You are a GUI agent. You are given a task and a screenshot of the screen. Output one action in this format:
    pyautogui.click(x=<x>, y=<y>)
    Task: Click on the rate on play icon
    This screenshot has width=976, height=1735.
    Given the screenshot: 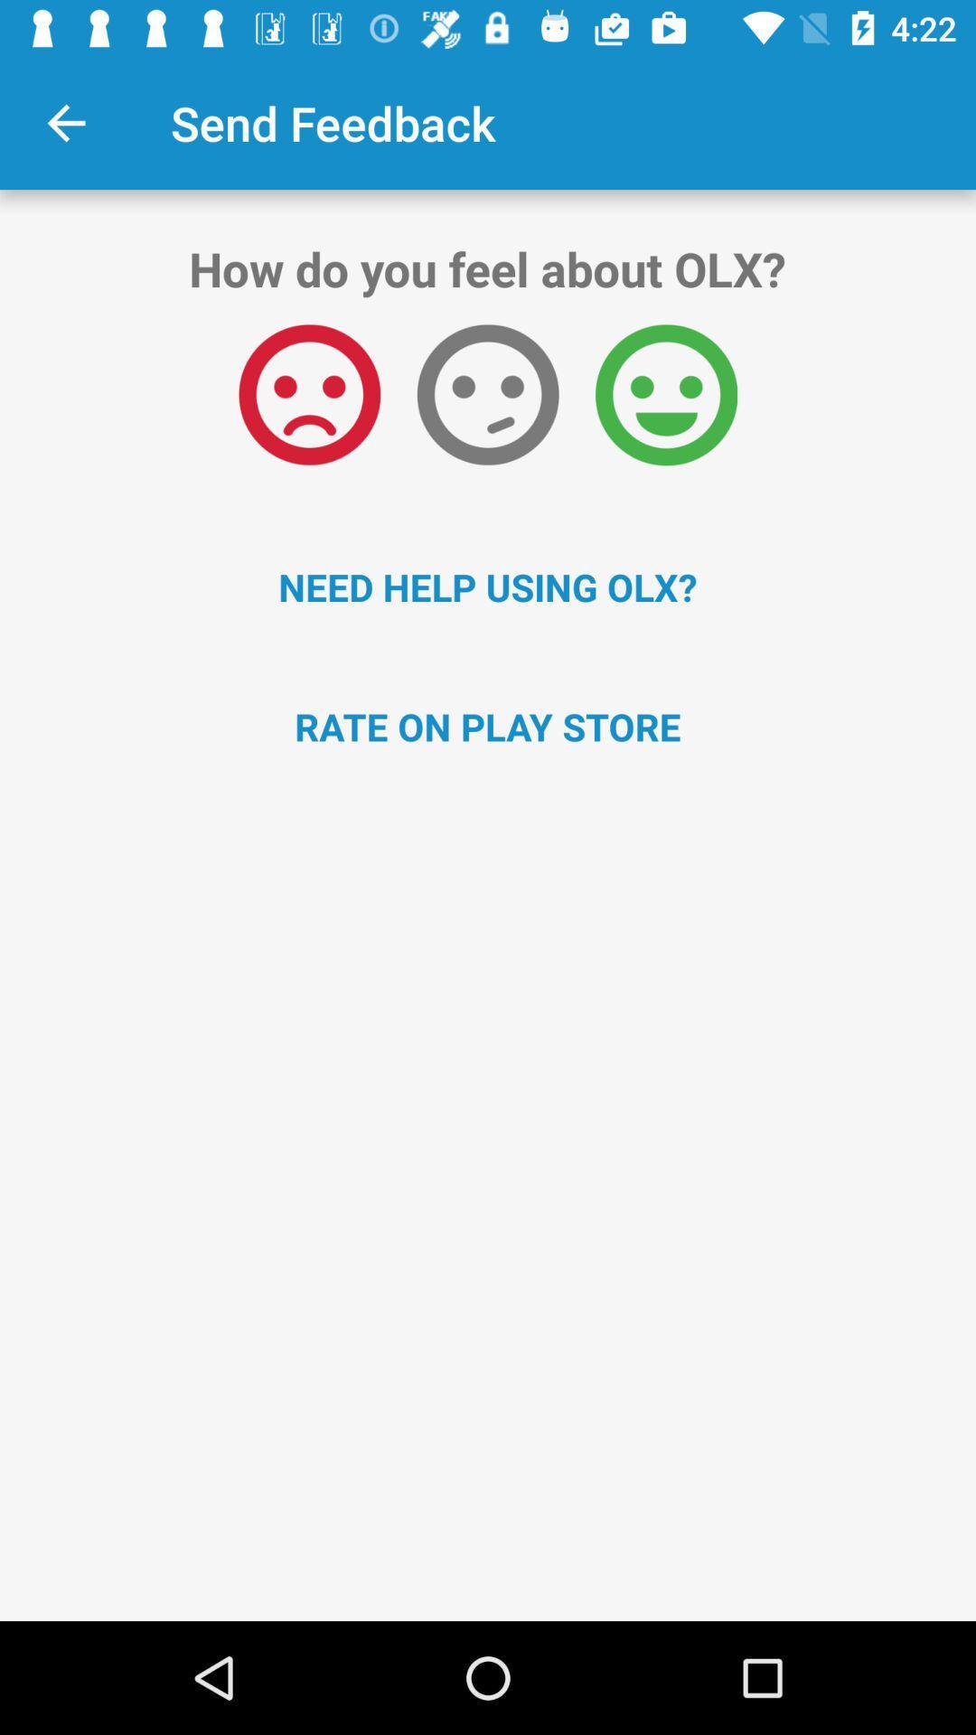 What is the action you would take?
    pyautogui.click(x=488, y=727)
    